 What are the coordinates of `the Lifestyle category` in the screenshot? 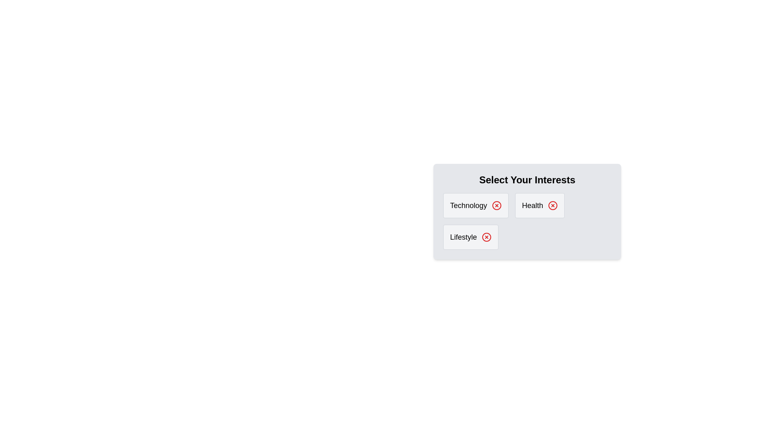 It's located at (471, 237).